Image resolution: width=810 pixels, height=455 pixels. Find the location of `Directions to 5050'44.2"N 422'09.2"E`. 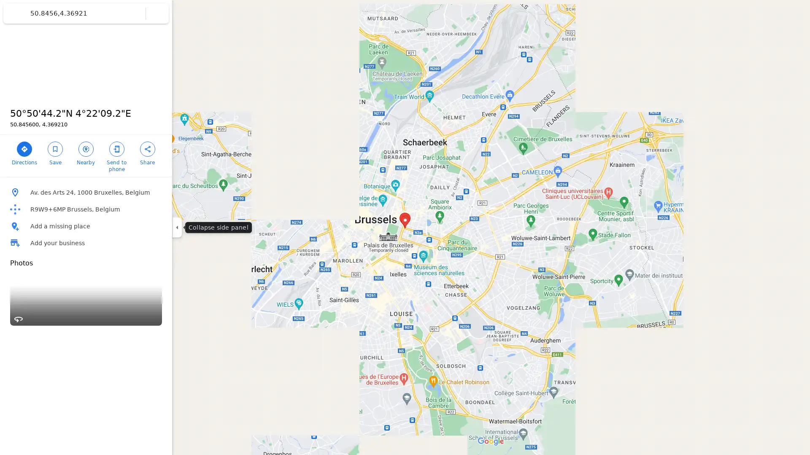

Directions to 5050'44.2"N 422'09.2"E is located at coordinates (24, 153).